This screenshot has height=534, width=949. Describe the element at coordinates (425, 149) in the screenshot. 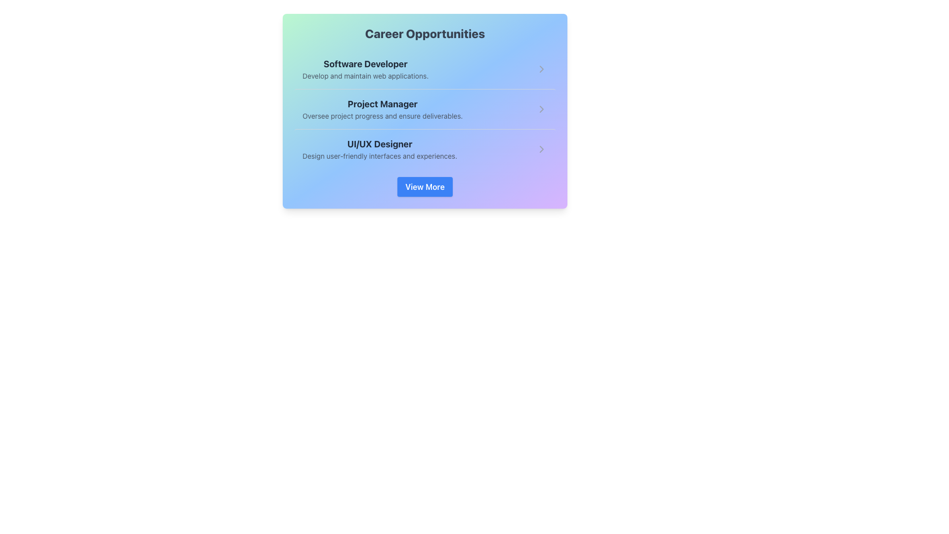

I see `the third item in the vertical list under the 'Career Opportunities' header, which represents a job listing for a 'UI/UX Designer'` at that location.